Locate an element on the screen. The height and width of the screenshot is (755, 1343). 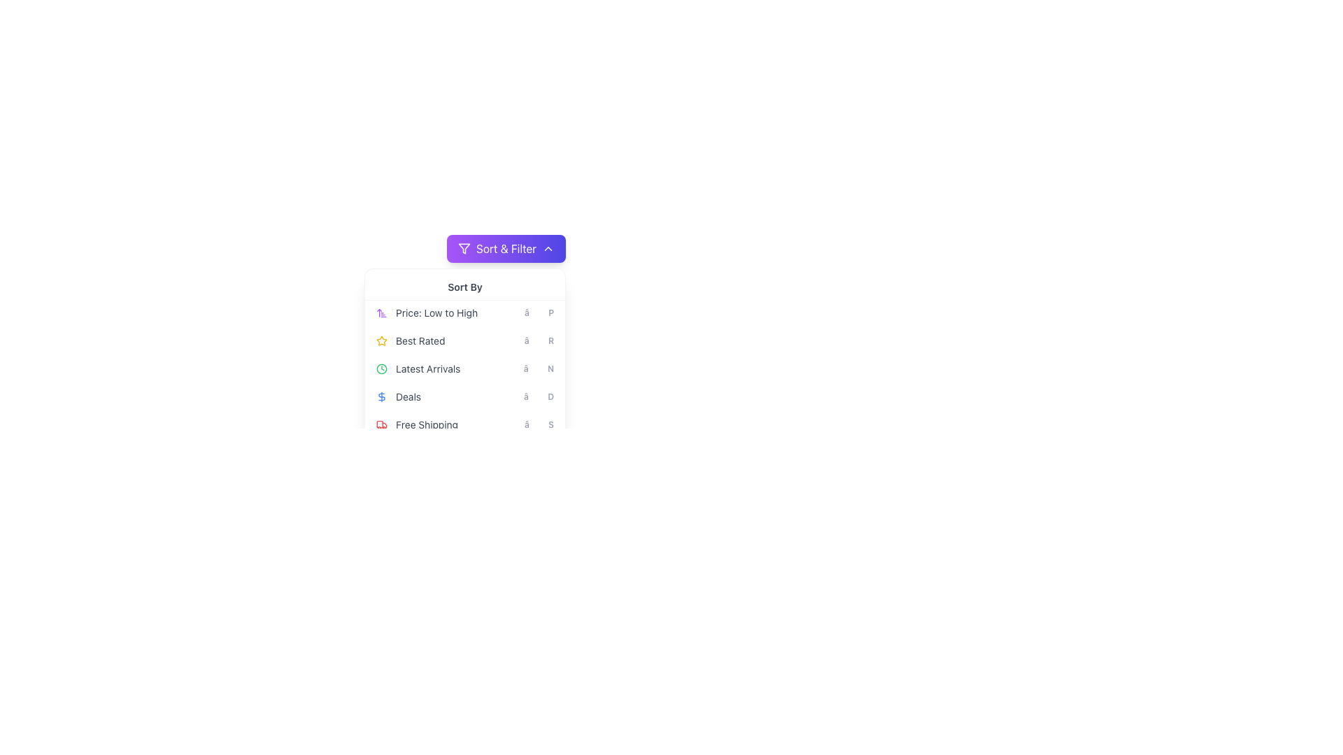
the button labeled 'Latest Arrivals' which is the third item in the dropdown menu under the 'Sort By' section for keyboard navigation is located at coordinates (465, 368).